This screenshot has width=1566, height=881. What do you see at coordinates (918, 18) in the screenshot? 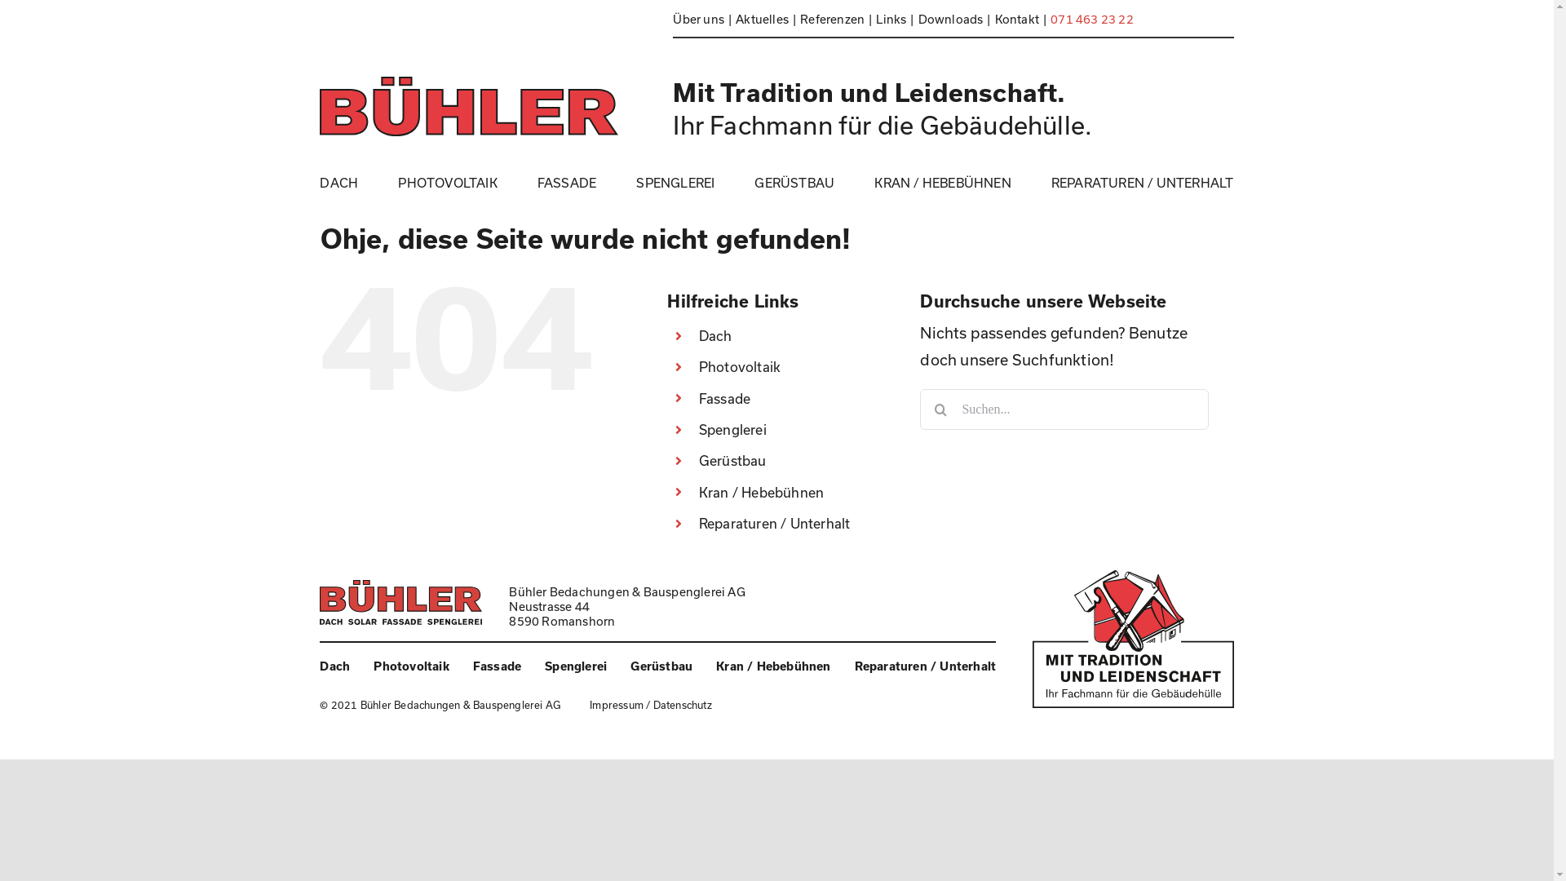
I see `'Downloads'` at bounding box center [918, 18].